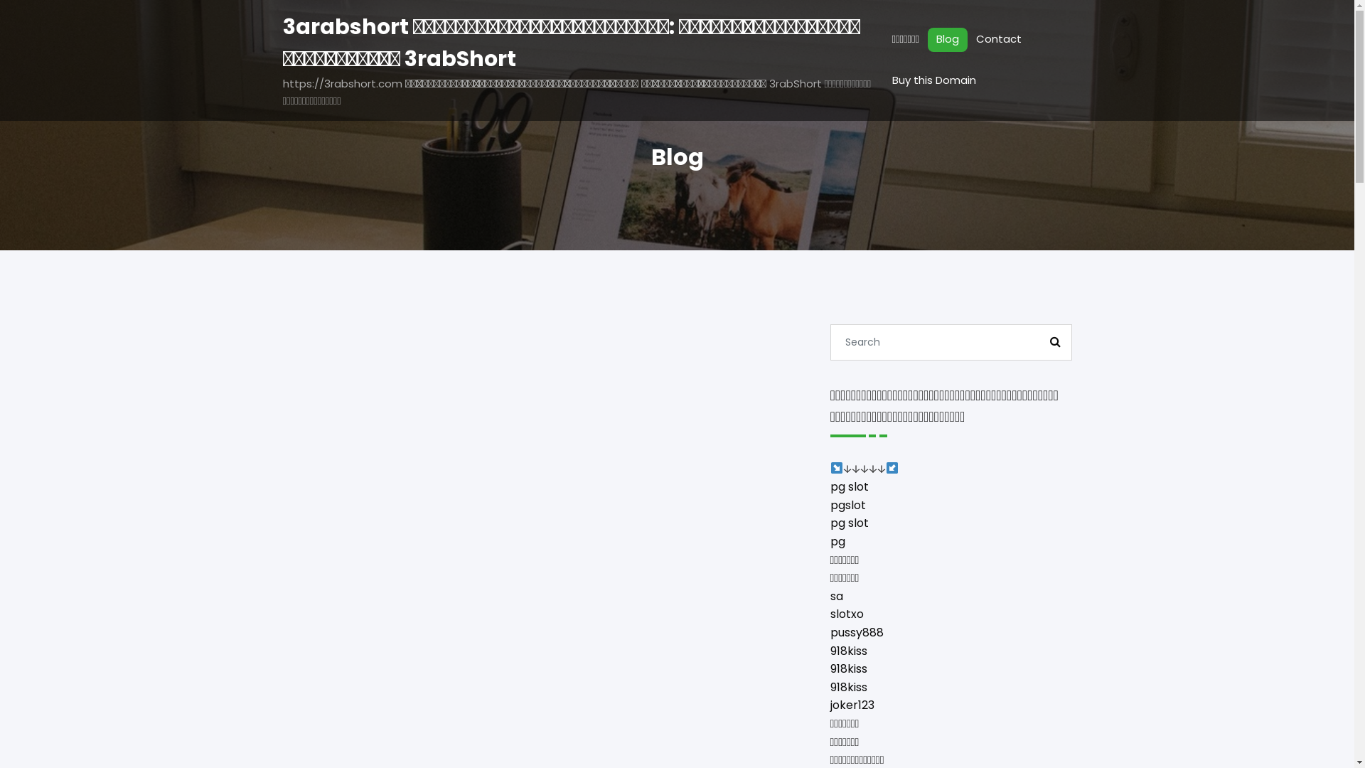 This screenshot has width=1365, height=768. I want to click on 'pussy888', so click(856, 631).